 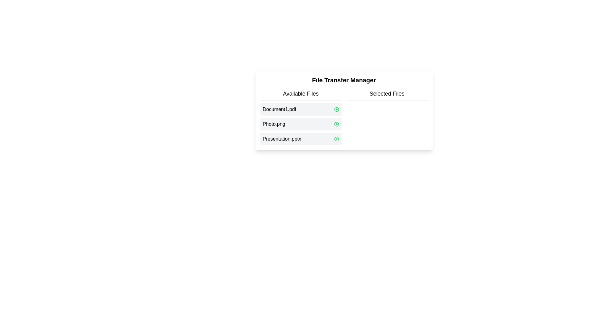 What do you see at coordinates (301, 124) in the screenshot?
I see `the 'Photo.png' file entry in the 'Available Files' section` at bounding box center [301, 124].